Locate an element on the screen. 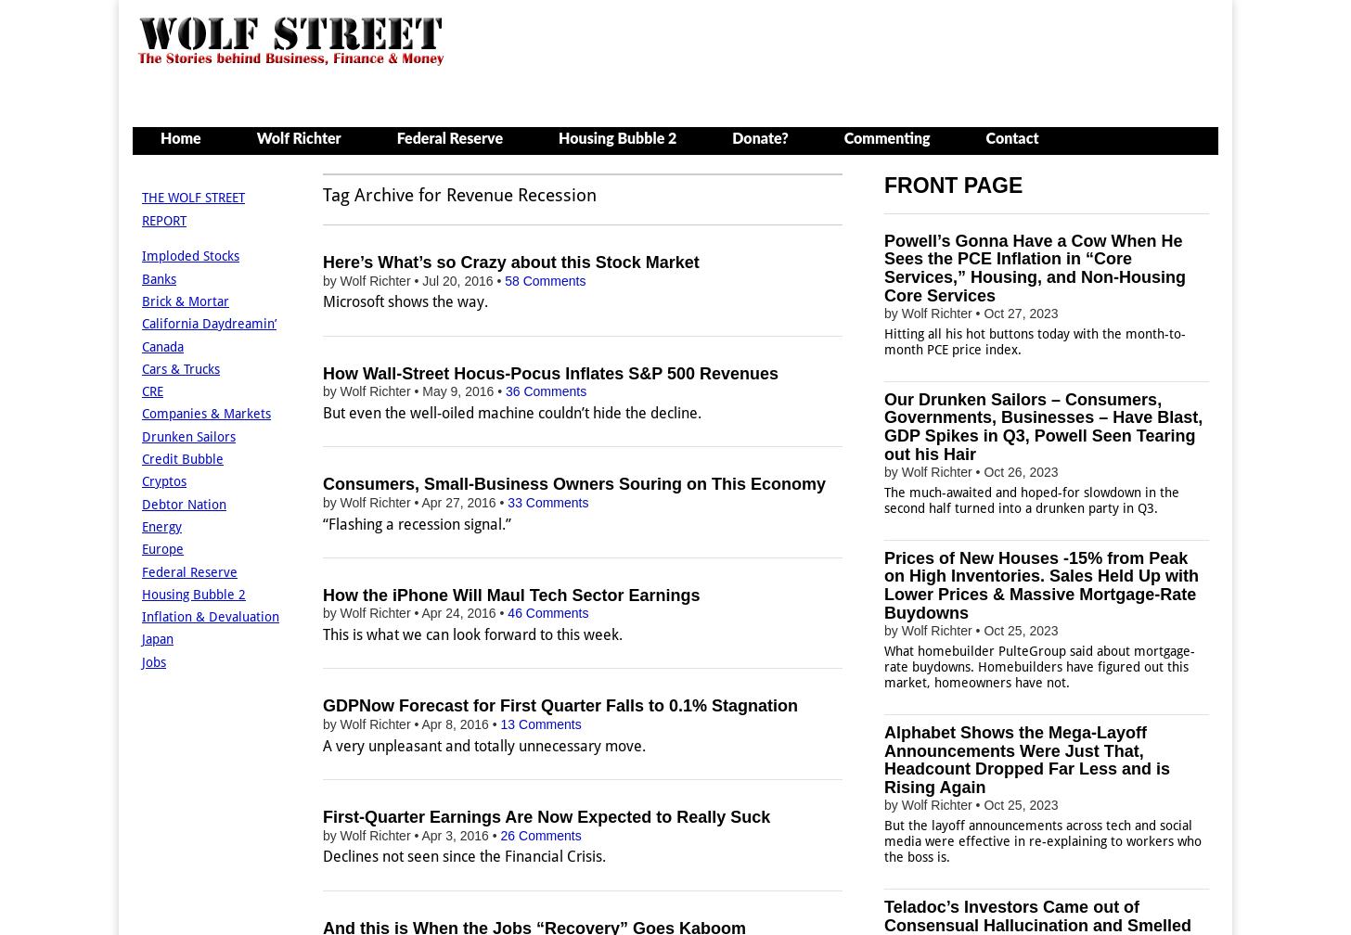 The height and width of the screenshot is (935, 1351). 'California Daydreamin’' is located at coordinates (209, 323).